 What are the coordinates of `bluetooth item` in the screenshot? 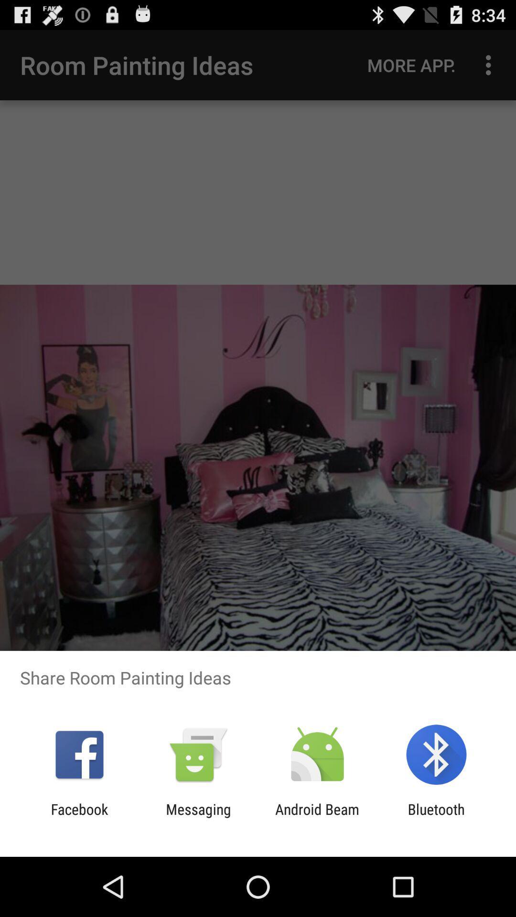 It's located at (436, 817).